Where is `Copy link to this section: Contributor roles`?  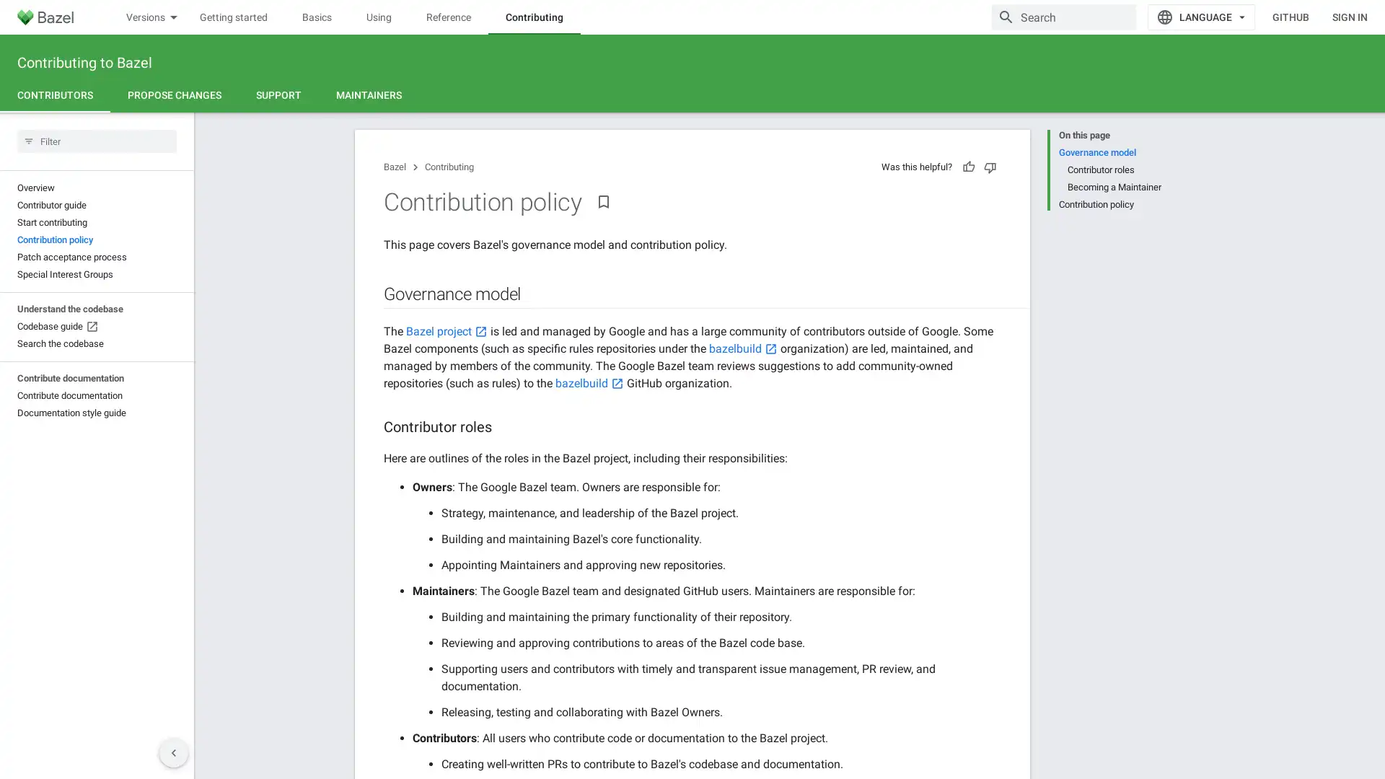
Copy link to this section: Contributor roles is located at coordinates (506, 427).